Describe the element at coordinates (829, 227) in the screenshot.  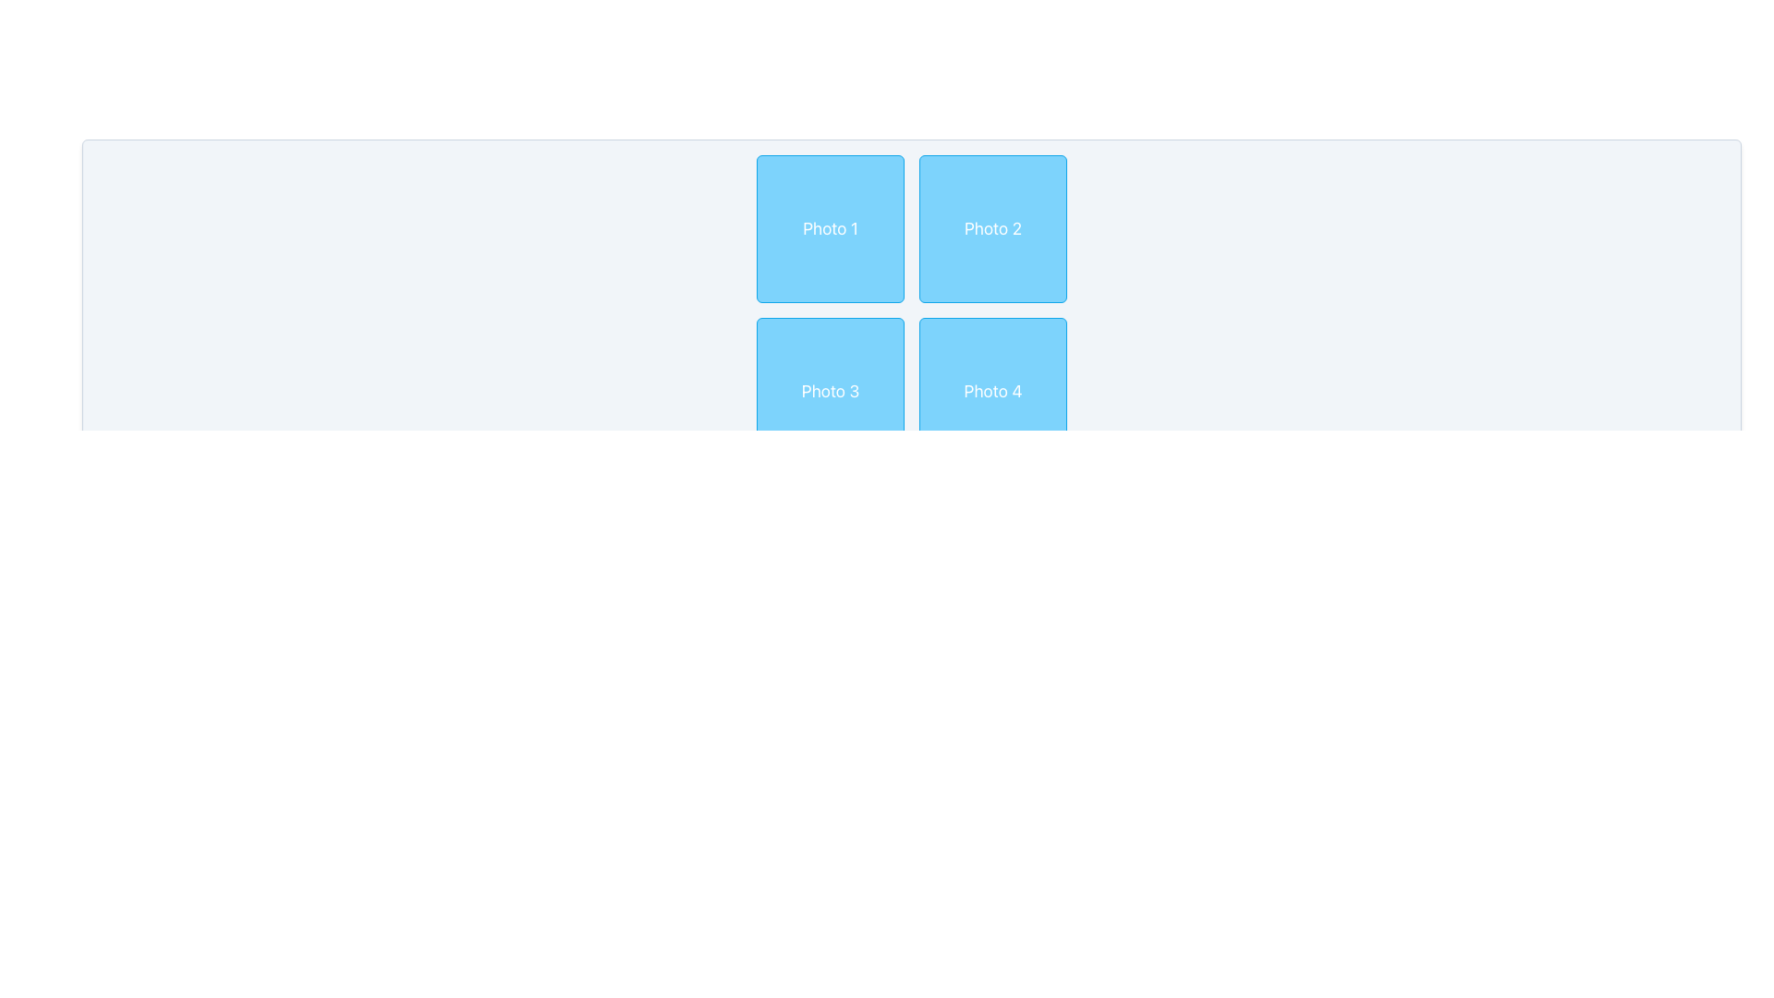
I see `the visual placeholder labeled 'Photo 1', which is the first item in a 2x2 grid layout located at the top-left corner of the grid` at that location.